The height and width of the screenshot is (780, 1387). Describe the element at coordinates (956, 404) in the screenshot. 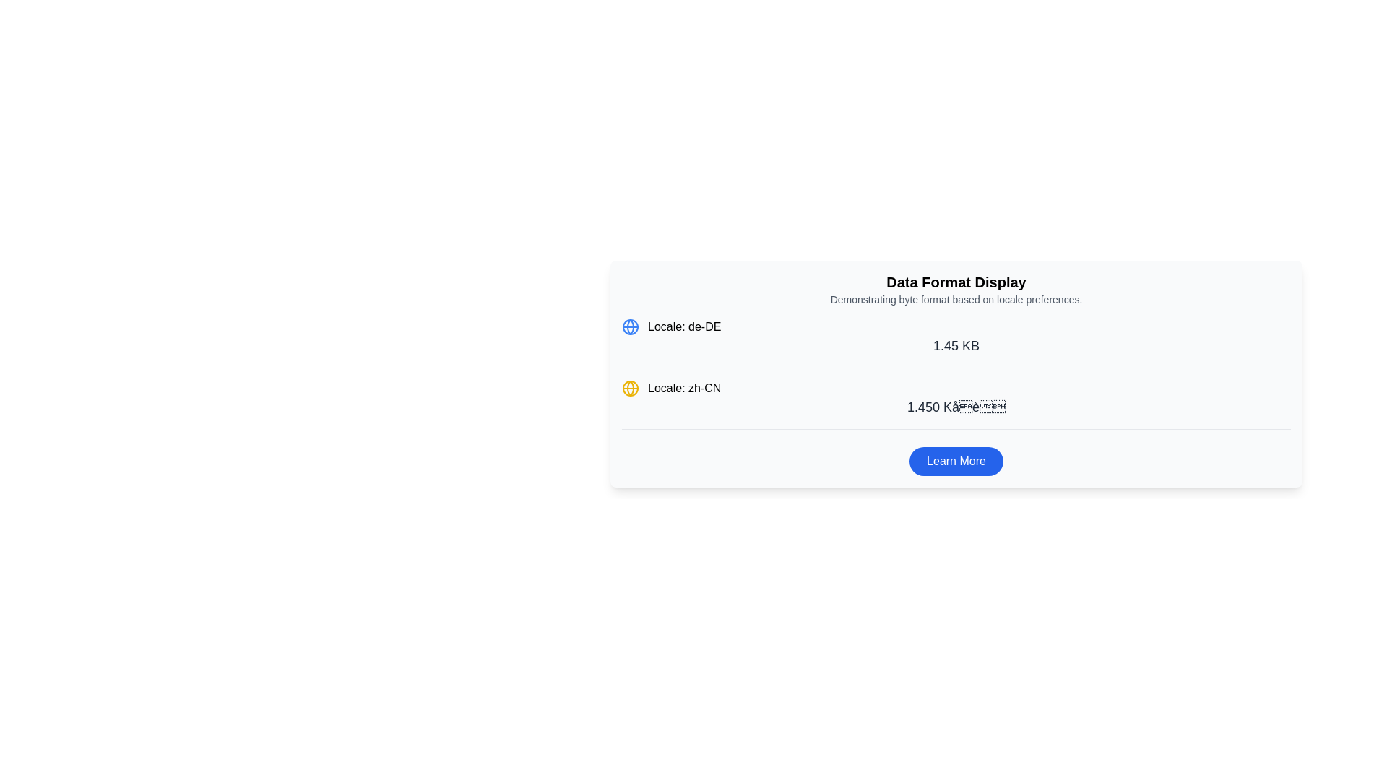

I see `the text information display, which is the second entry in a list immediately below 'Locale: de-DE'` at that location.